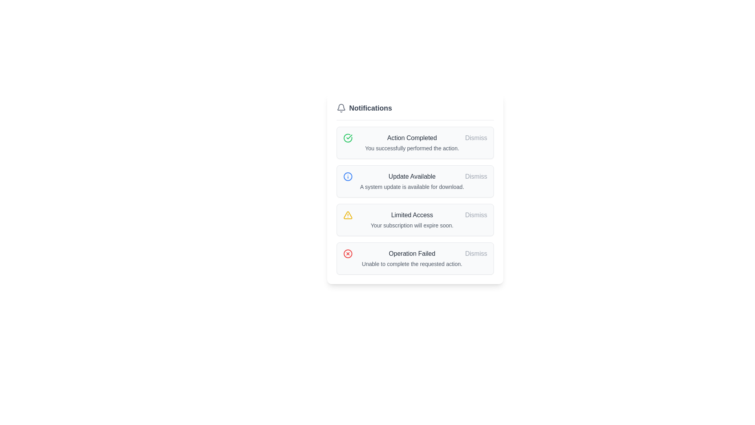 The width and height of the screenshot is (755, 425). What do you see at coordinates (349, 136) in the screenshot?
I see `the Icon that indicates successful completion of the related notification's task or message, located in the status or feedback notification section near the top of a list of items, specifically associated with the 'Action Completed' notification` at bounding box center [349, 136].